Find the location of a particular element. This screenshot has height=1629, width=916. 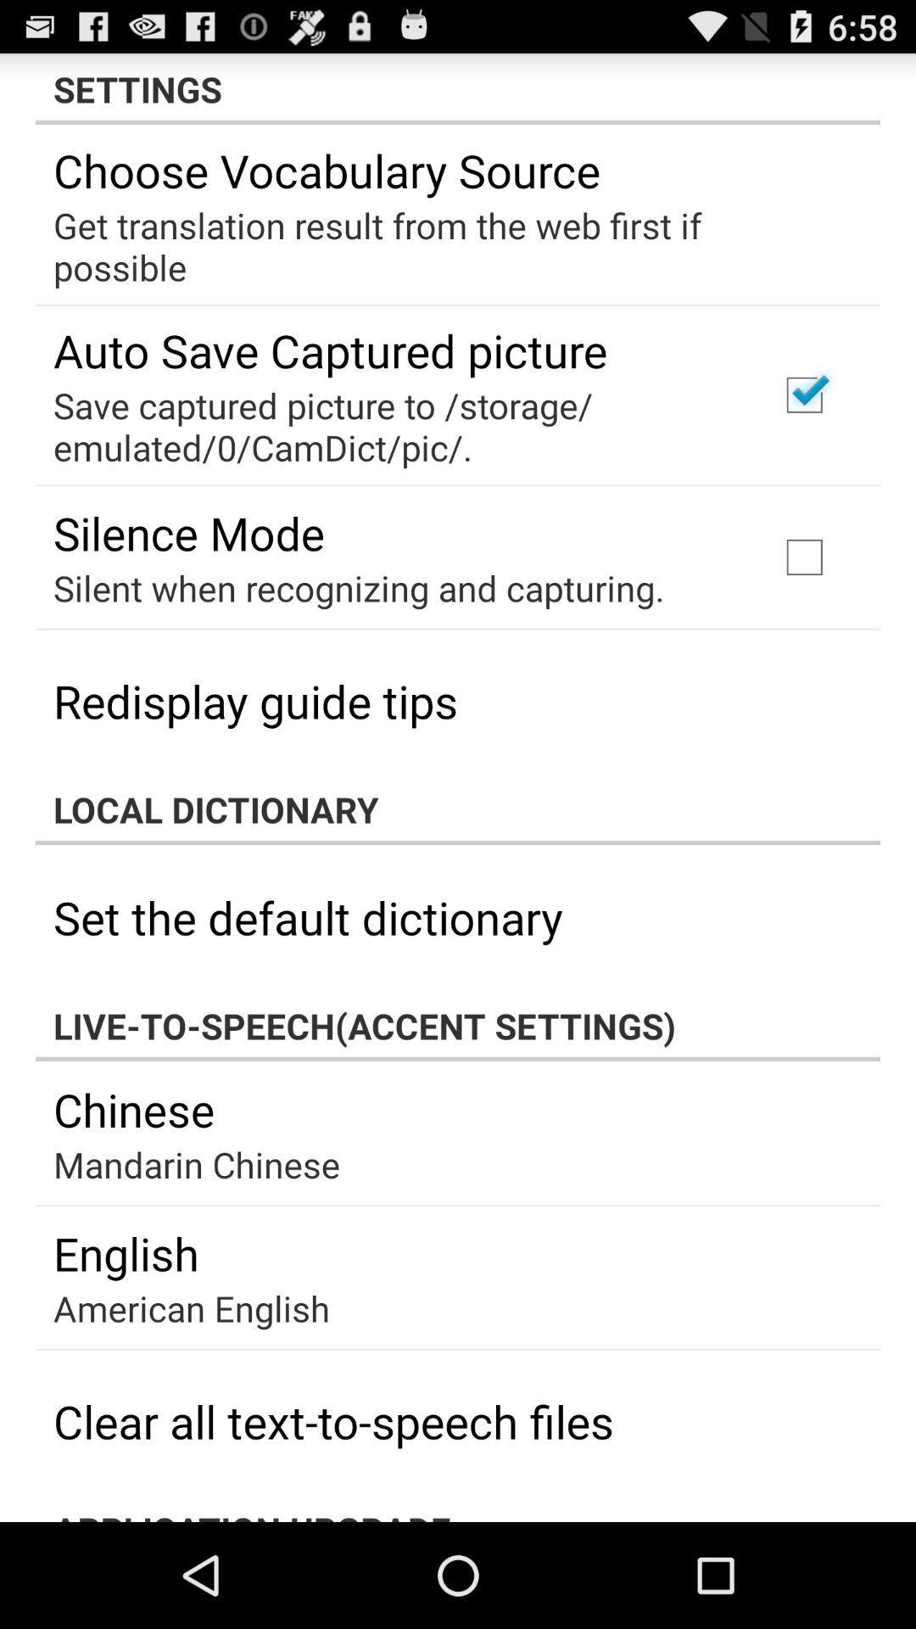

the local dictionary app is located at coordinates (458, 809).